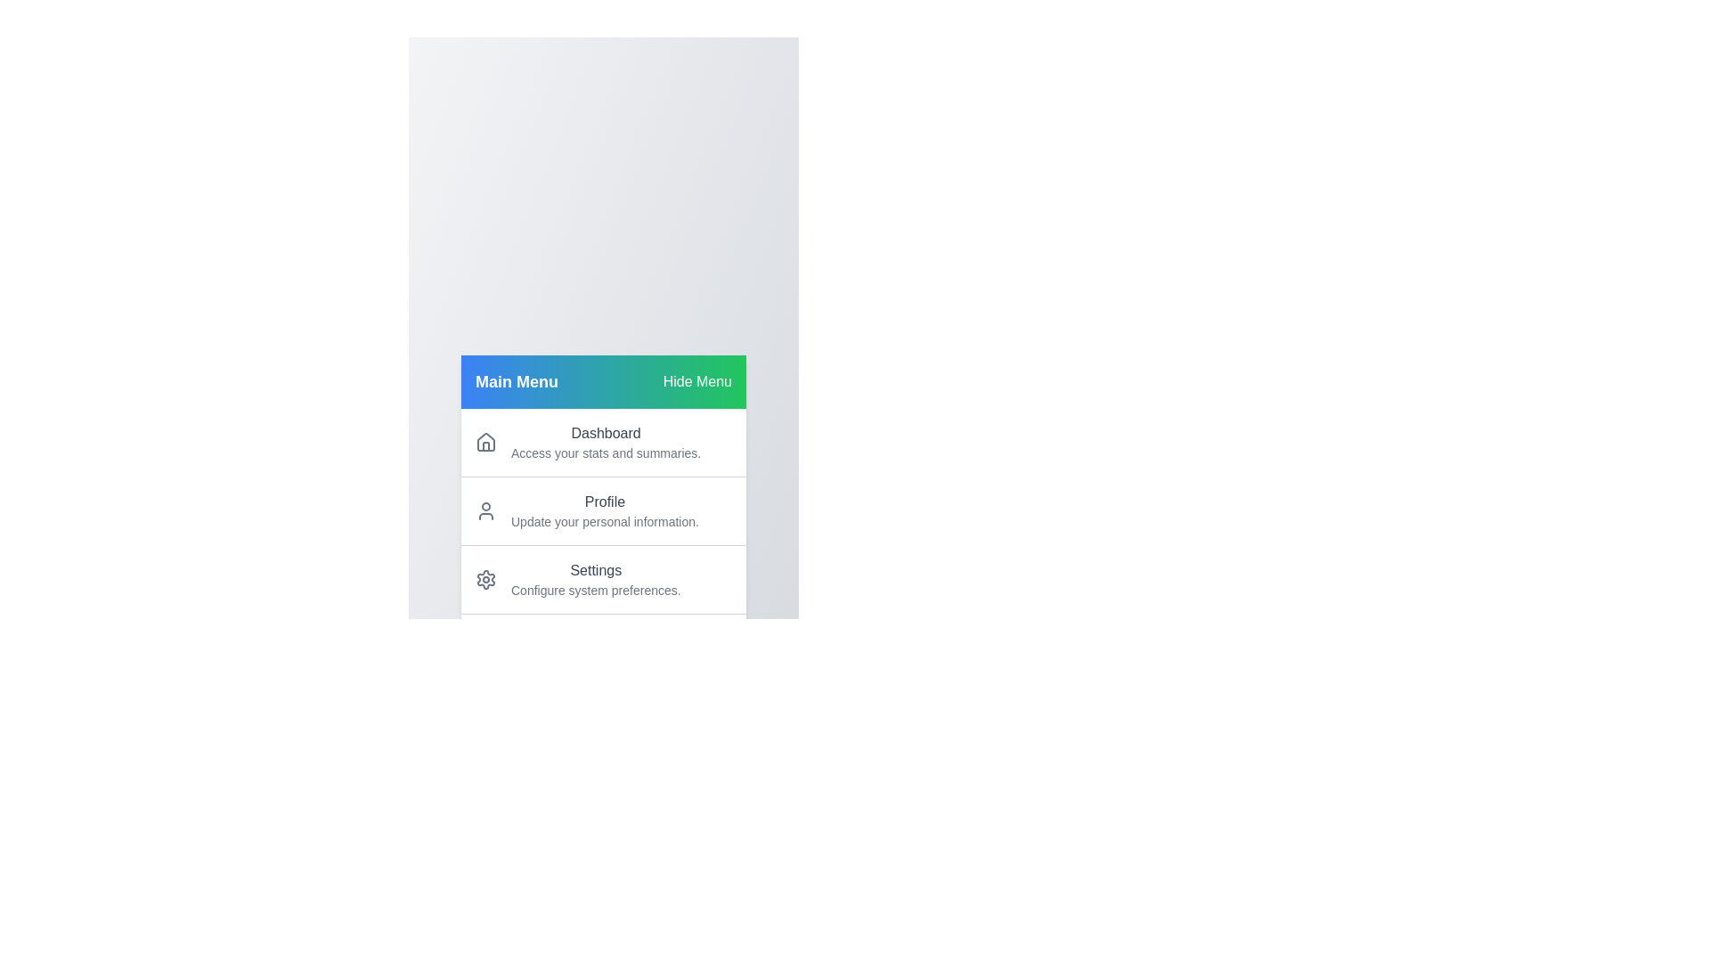 The image size is (1710, 962). I want to click on 'Hide Menu' button to toggle the menu's visibility, so click(696, 380).